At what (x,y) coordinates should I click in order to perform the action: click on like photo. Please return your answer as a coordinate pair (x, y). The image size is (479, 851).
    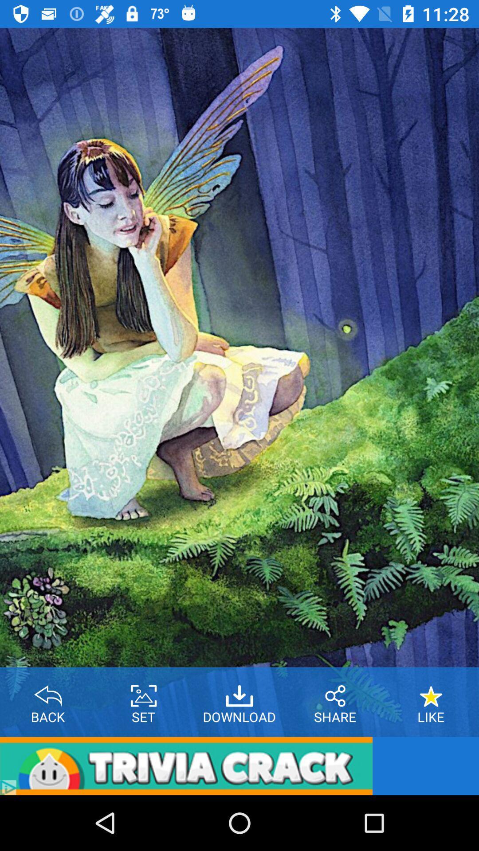
    Looking at the image, I should click on (431, 692).